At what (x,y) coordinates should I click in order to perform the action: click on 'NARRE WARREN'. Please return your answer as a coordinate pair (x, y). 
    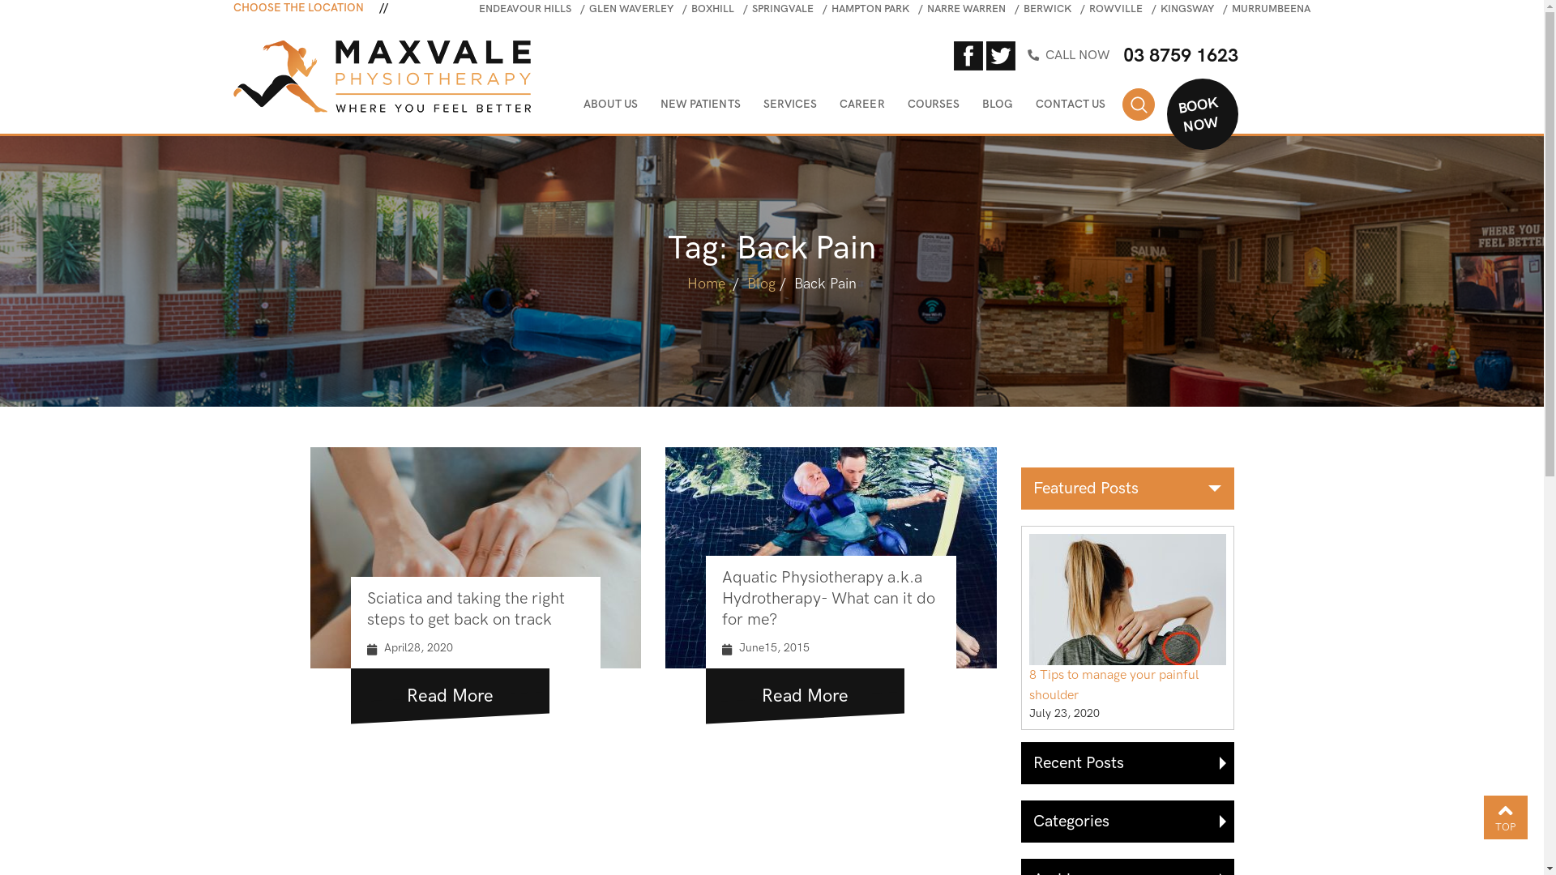
    Looking at the image, I should click on (966, 9).